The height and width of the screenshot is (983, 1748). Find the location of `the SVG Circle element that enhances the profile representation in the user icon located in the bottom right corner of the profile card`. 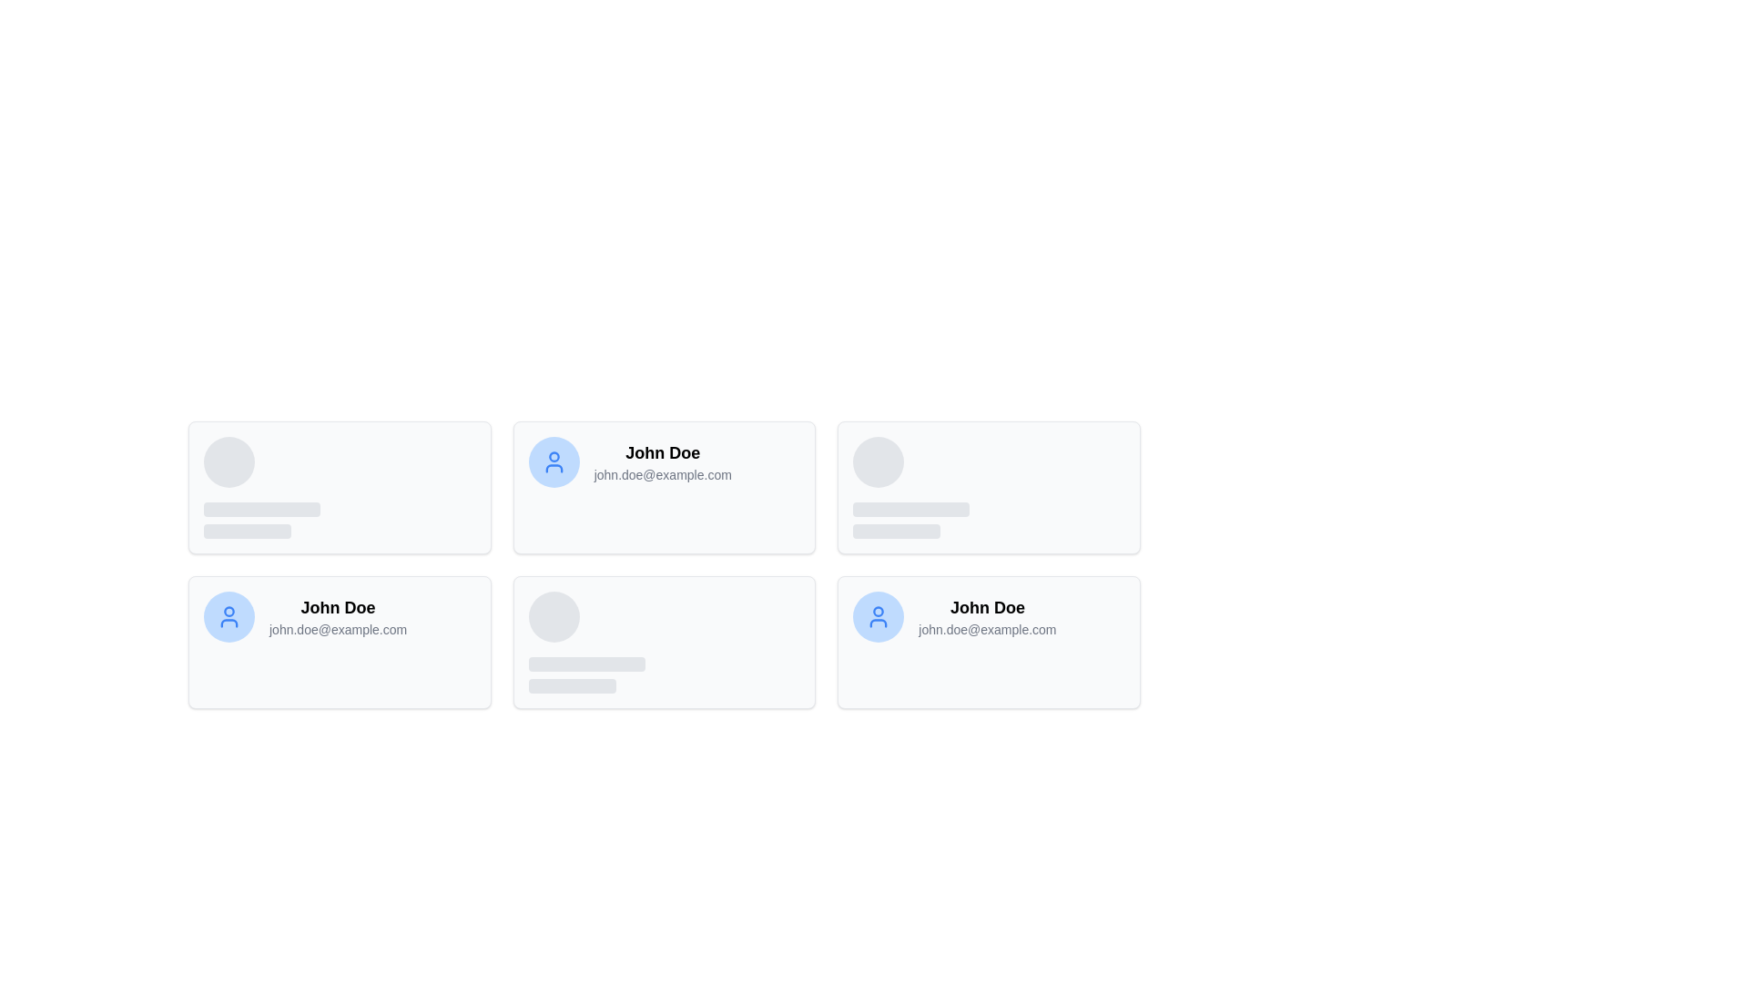

the SVG Circle element that enhances the profile representation in the user icon located in the bottom right corner of the profile card is located at coordinates (879, 612).